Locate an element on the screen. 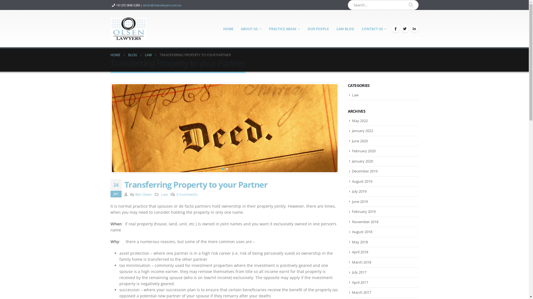 The width and height of the screenshot is (533, 299). 'February 2020' is located at coordinates (351, 151).